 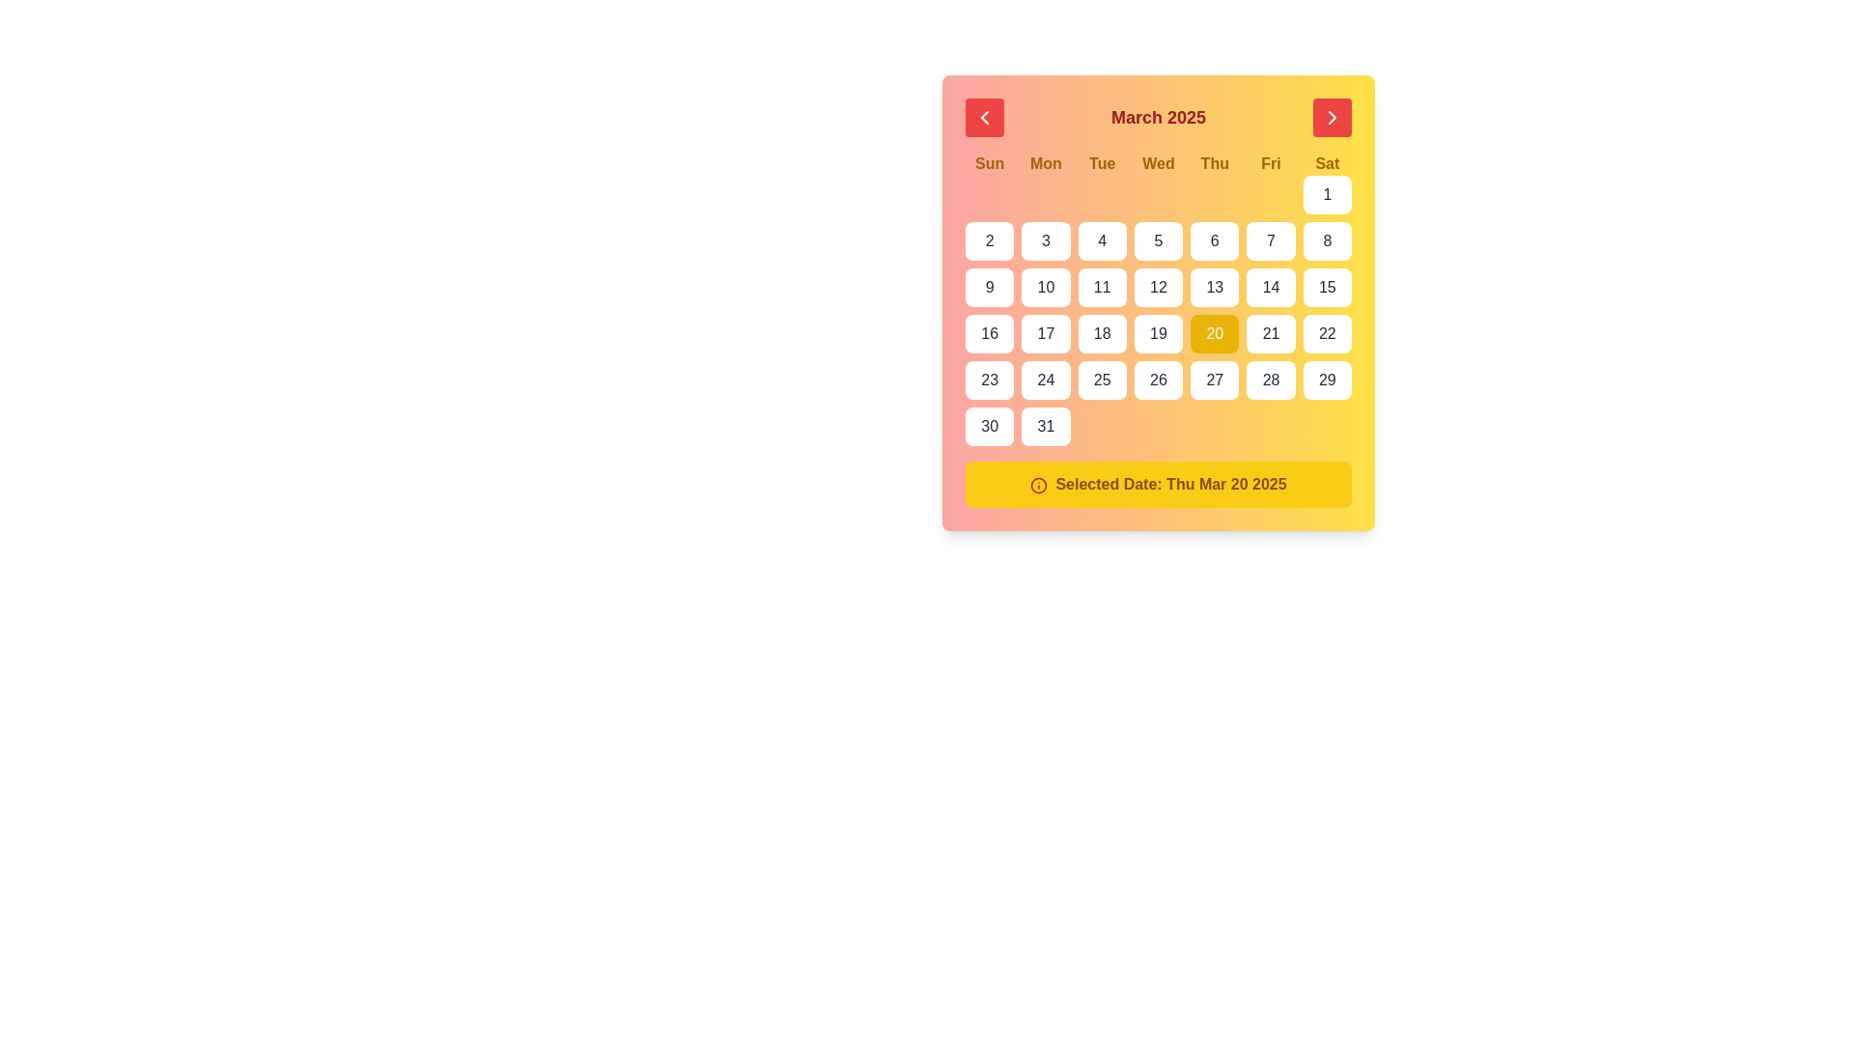 What do you see at coordinates (990, 426) in the screenshot?
I see `the square-shaped button with the text '30' in dark gray, located in the lower left corner of the calendar grid` at bounding box center [990, 426].